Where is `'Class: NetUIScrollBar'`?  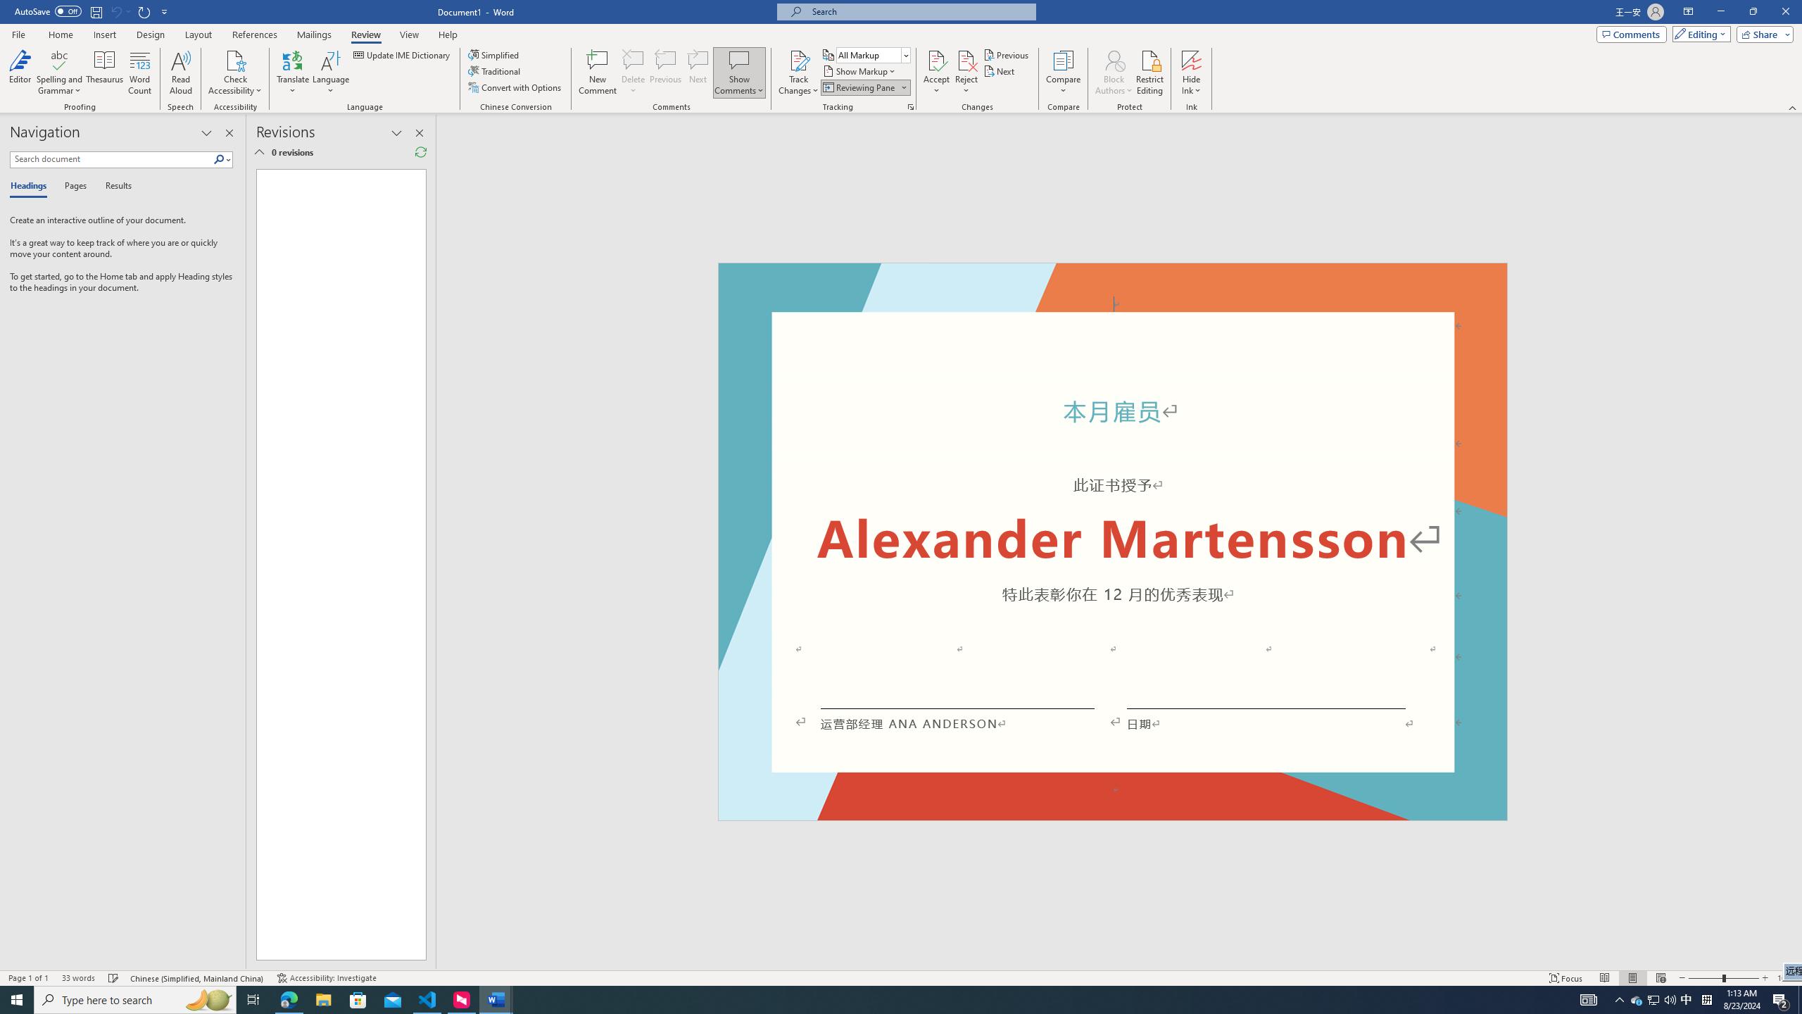 'Class: NetUIScrollBar' is located at coordinates (1796, 542).